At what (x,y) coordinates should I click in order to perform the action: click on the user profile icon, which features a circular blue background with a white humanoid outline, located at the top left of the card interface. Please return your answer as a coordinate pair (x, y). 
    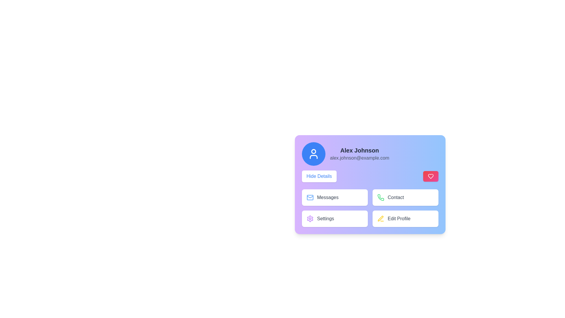
    Looking at the image, I should click on (313, 154).